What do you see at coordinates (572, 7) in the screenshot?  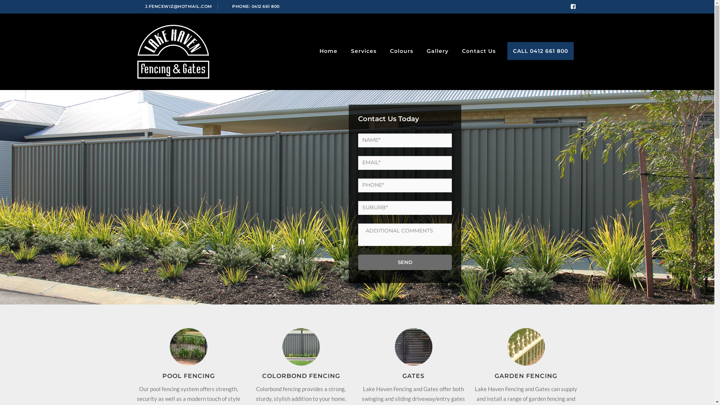 I see `'Facebook Profile'` at bounding box center [572, 7].